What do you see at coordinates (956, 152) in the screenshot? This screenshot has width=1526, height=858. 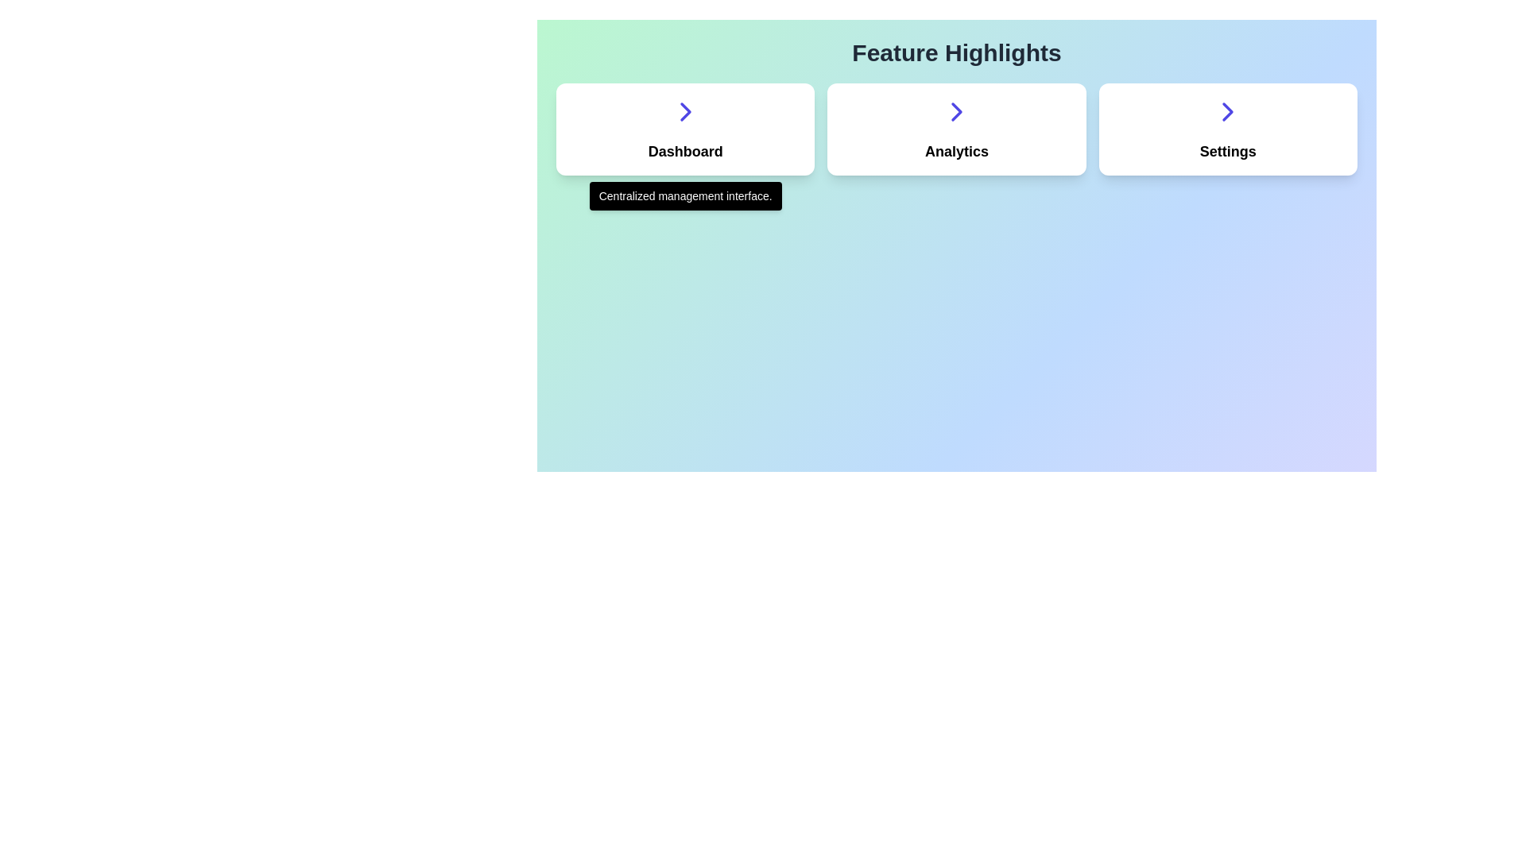 I see `the Text Label that serves as the descriptive title for the second item in a row of three elements titled 'Dashboard', 'Analytics', and 'Settings'` at bounding box center [956, 152].